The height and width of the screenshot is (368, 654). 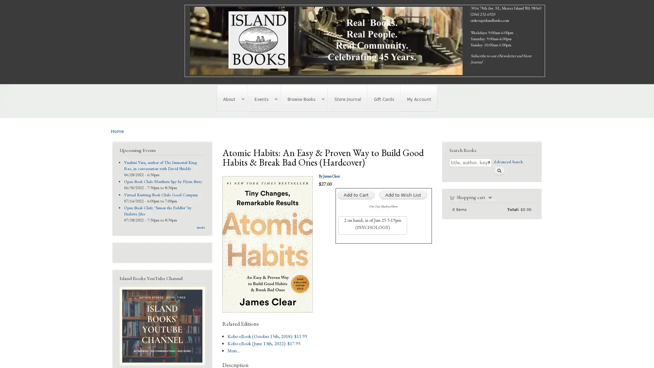 What do you see at coordinates (355, 195) in the screenshot?
I see `Add to Cart` at bounding box center [355, 195].